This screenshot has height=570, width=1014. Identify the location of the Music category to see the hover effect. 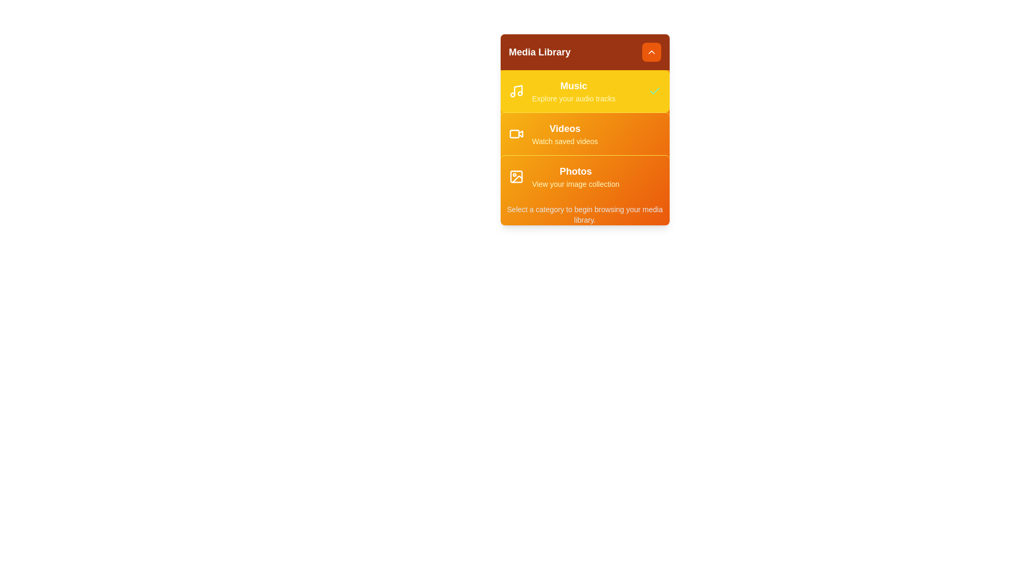
(584, 91).